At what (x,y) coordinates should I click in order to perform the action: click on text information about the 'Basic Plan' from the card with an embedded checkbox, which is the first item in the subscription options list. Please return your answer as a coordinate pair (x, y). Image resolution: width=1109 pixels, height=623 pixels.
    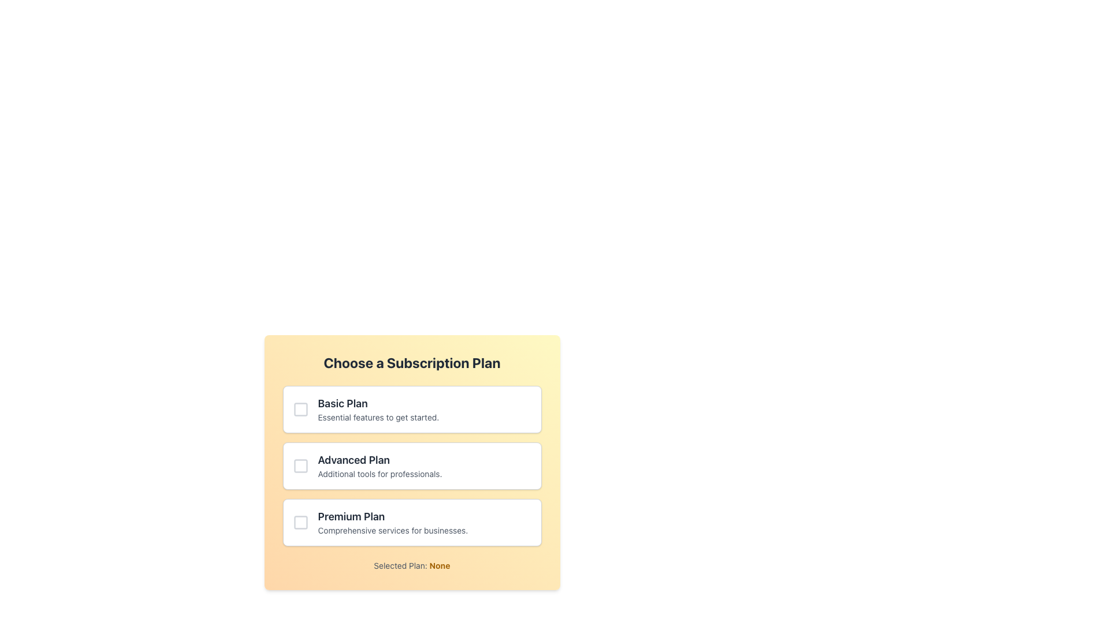
    Looking at the image, I should click on (412, 408).